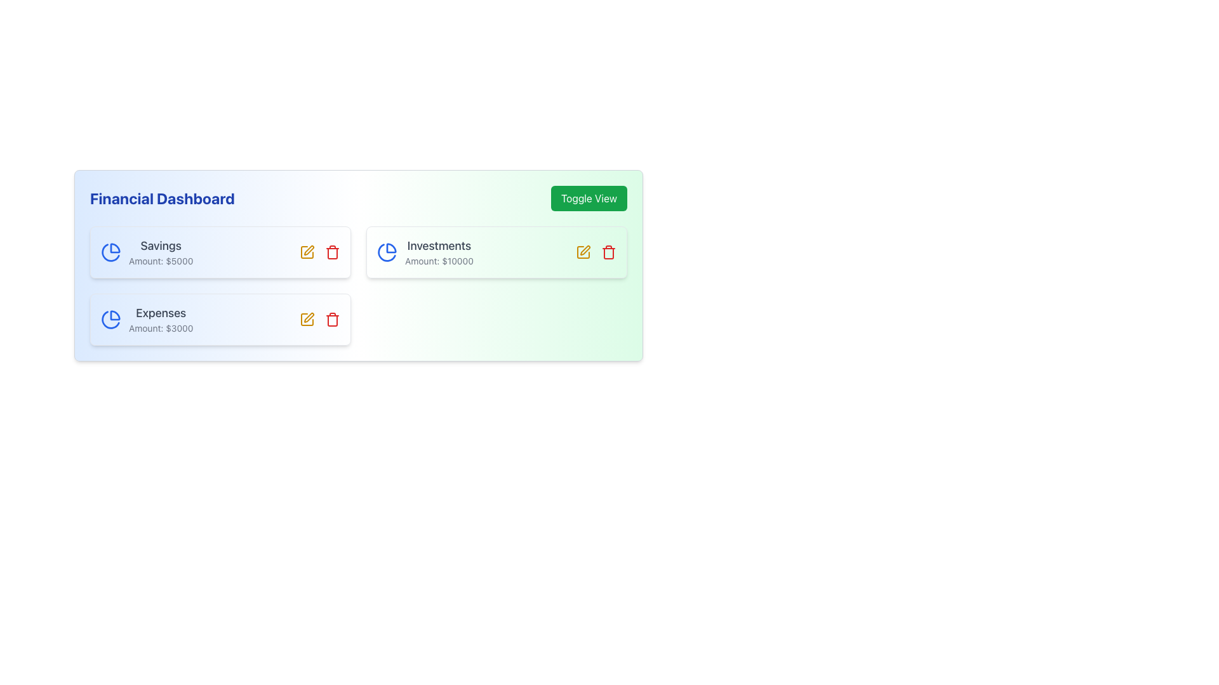 This screenshot has height=685, width=1219. What do you see at coordinates (307, 252) in the screenshot?
I see `the Edit button located to the right of the 'Savings: $5000' section in the Financial Dashboard to initiate editing` at bounding box center [307, 252].